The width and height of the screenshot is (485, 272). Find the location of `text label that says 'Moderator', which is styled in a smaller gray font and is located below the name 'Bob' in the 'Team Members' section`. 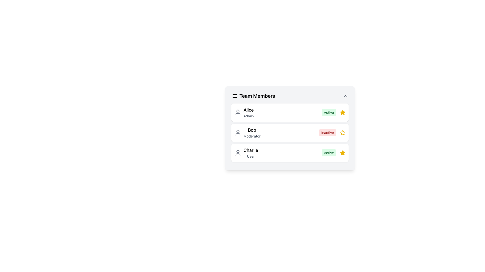

text label that says 'Moderator', which is styled in a smaller gray font and is located below the name 'Bob' in the 'Team Members' section is located at coordinates (252, 136).